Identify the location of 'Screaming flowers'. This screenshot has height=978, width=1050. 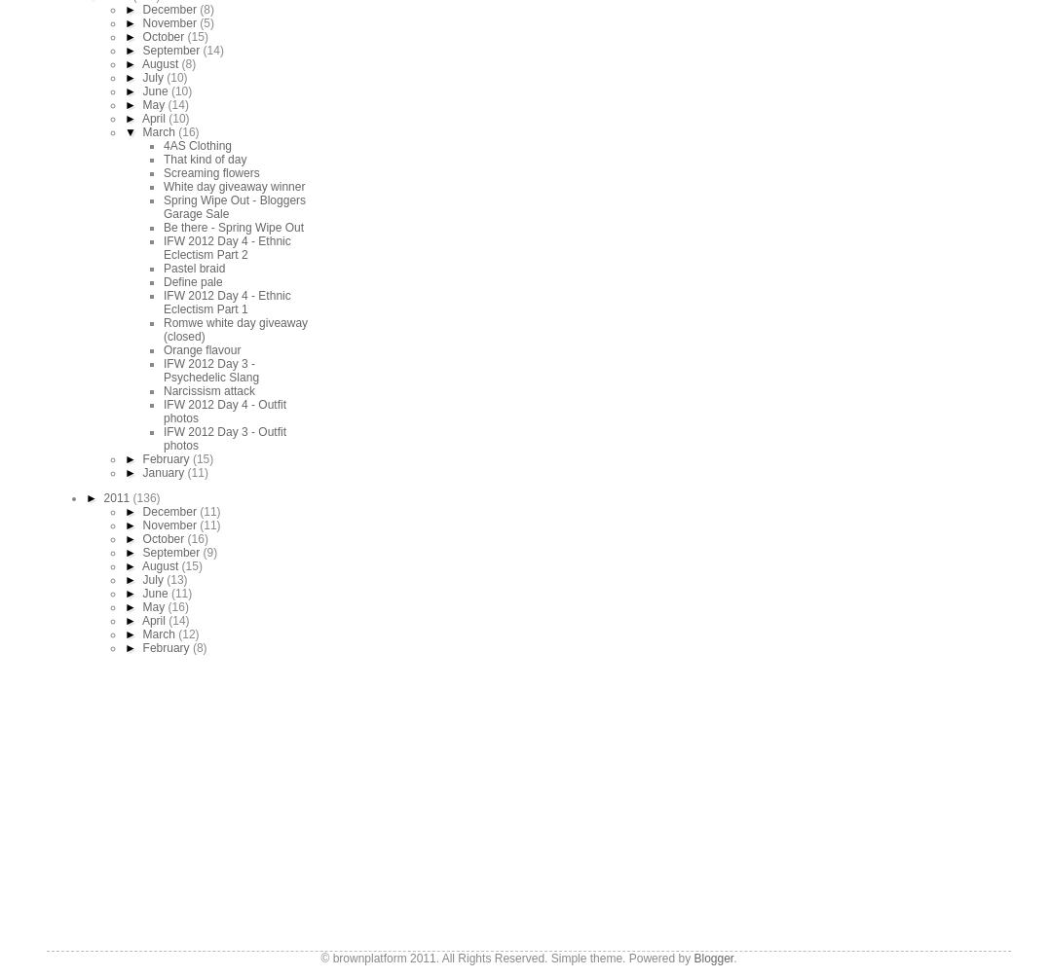
(211, 170).